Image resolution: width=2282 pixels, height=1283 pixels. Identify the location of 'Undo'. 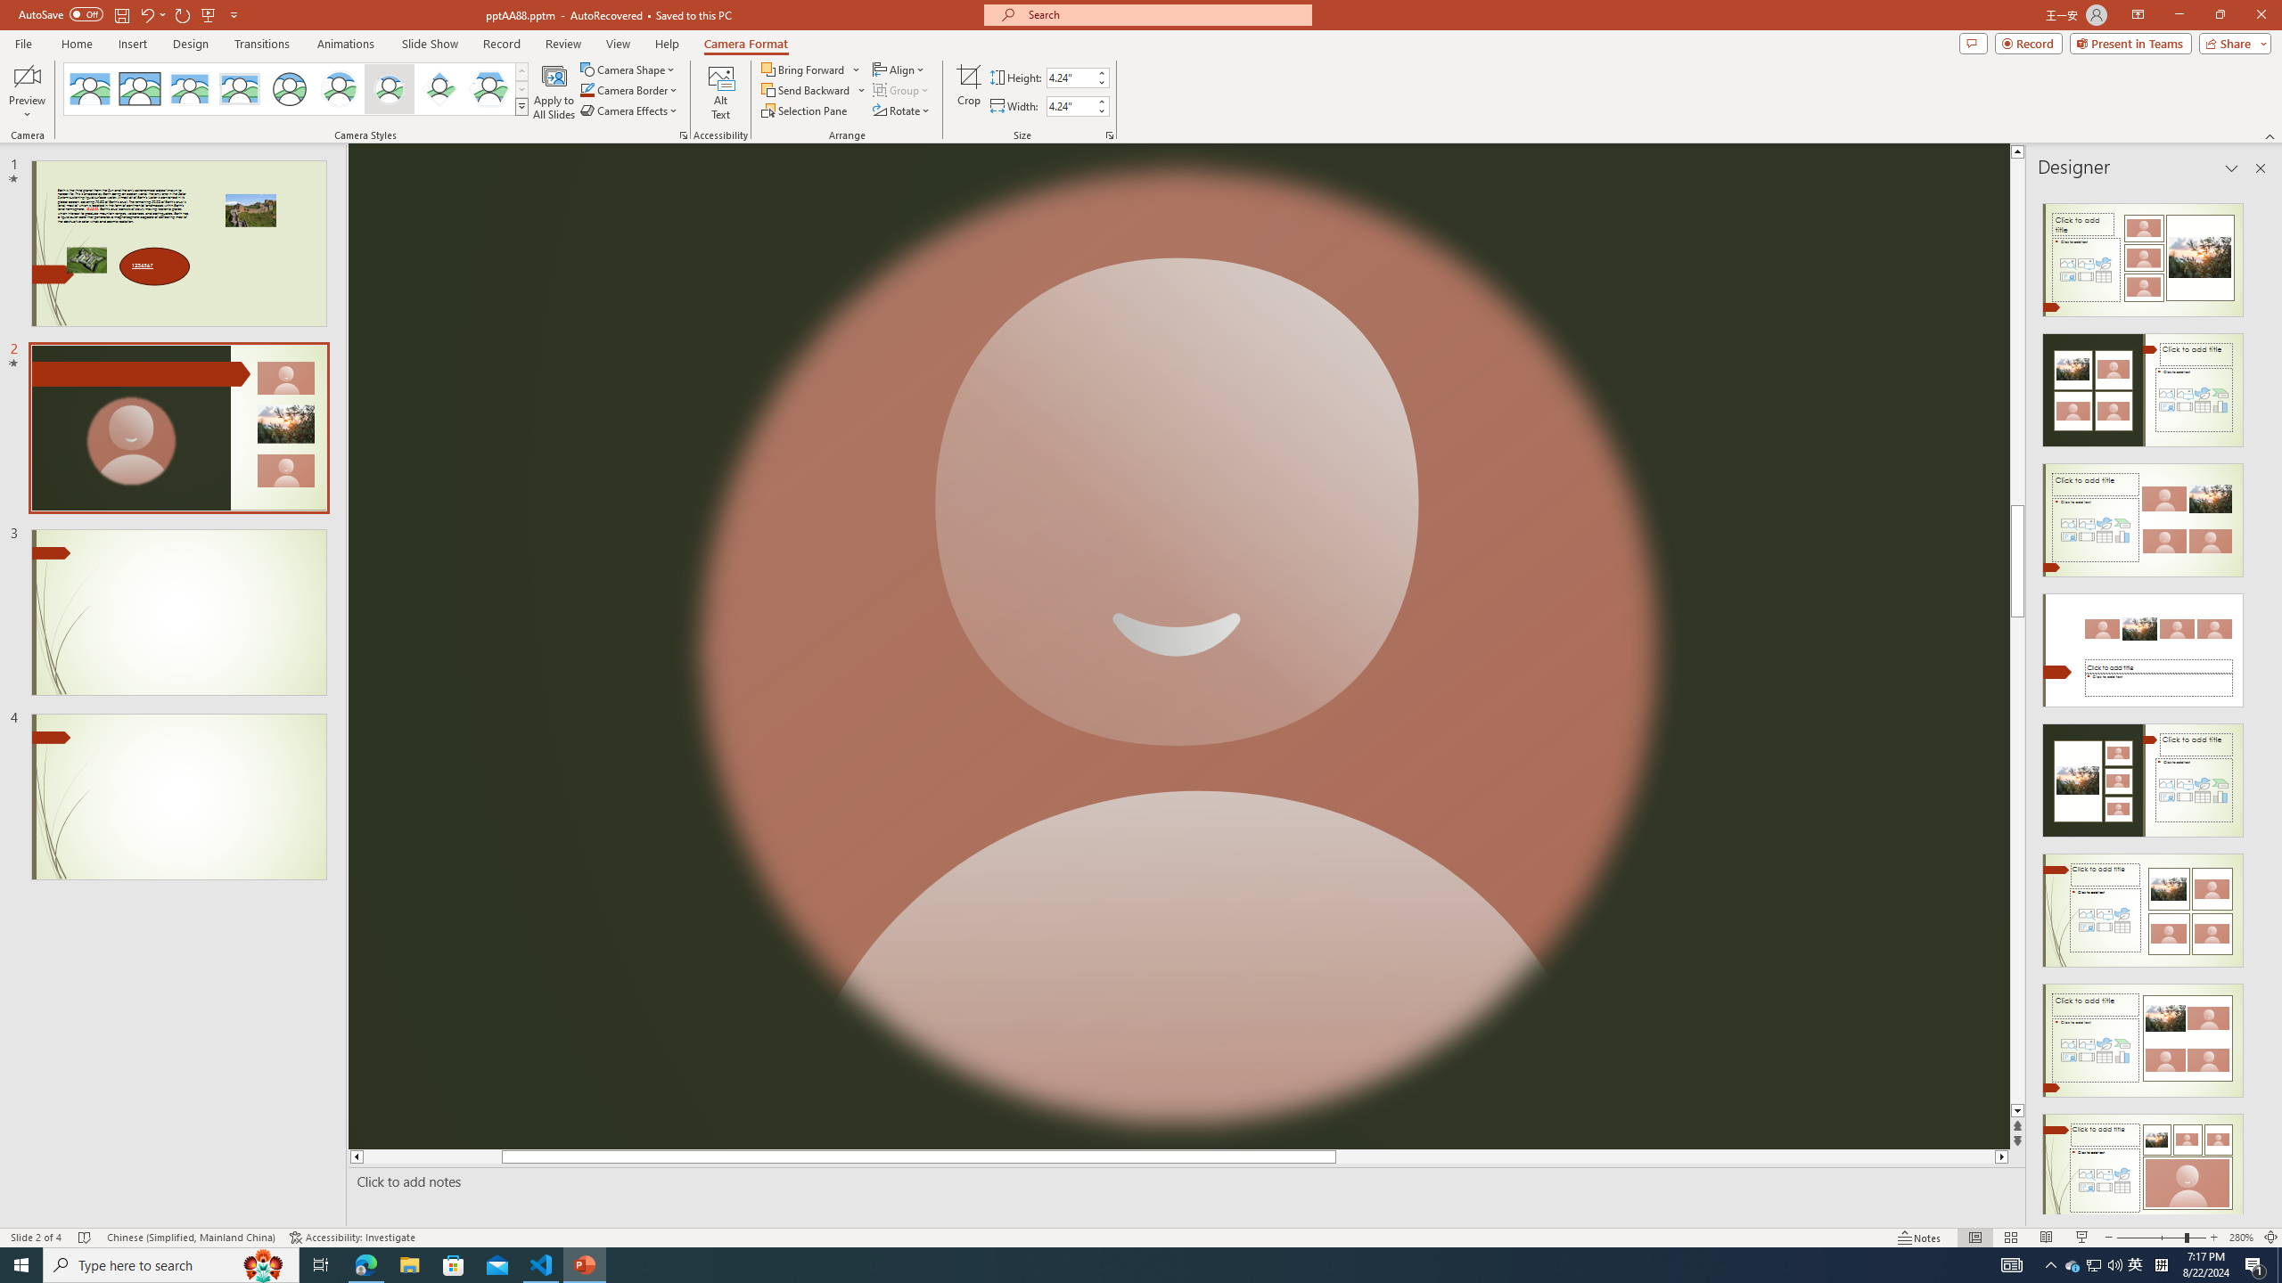
(145, 13).